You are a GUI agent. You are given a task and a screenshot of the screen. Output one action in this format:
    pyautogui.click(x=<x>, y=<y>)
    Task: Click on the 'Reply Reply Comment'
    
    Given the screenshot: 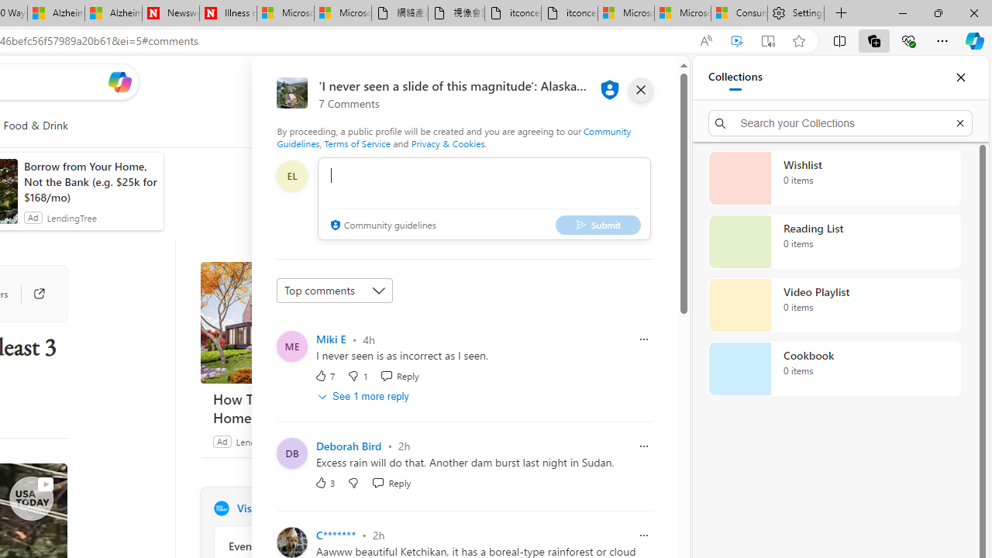 What is the action you would take?
    pyautogui.click(x=391, y=481)
    